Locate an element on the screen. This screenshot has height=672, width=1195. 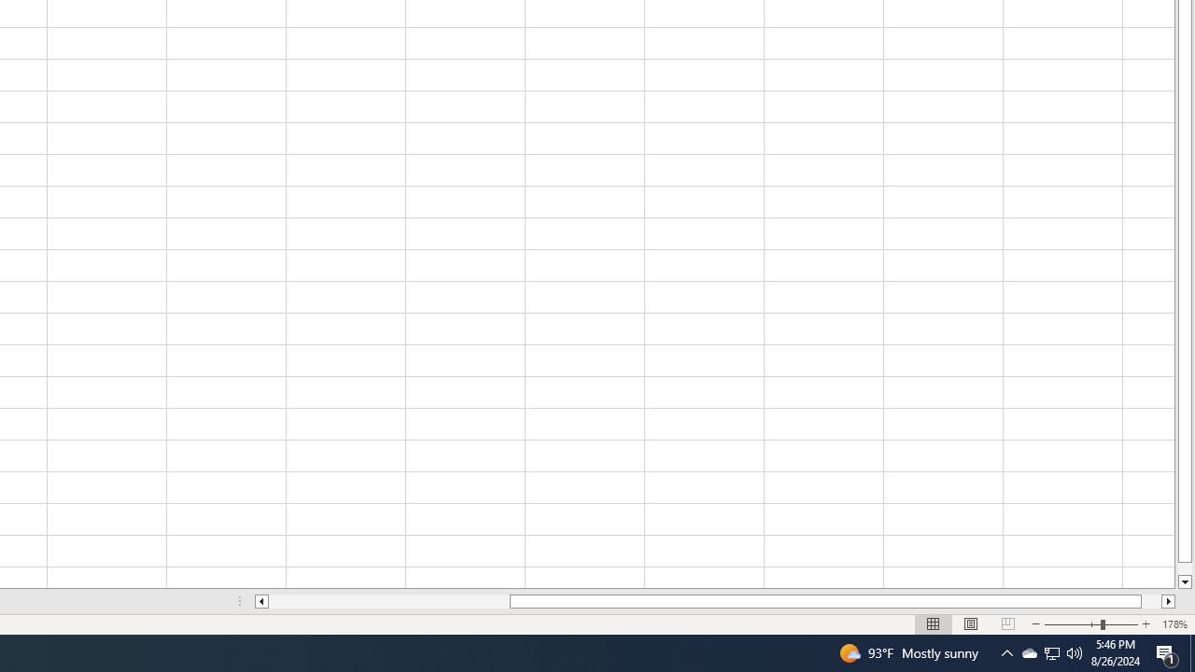
'Page left' is located at coordinates (388, 601).